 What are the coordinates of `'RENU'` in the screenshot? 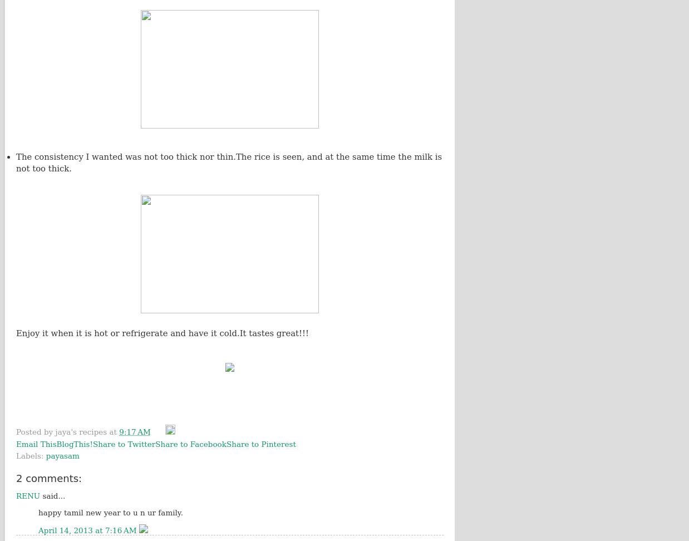 It's located at (27, 496).